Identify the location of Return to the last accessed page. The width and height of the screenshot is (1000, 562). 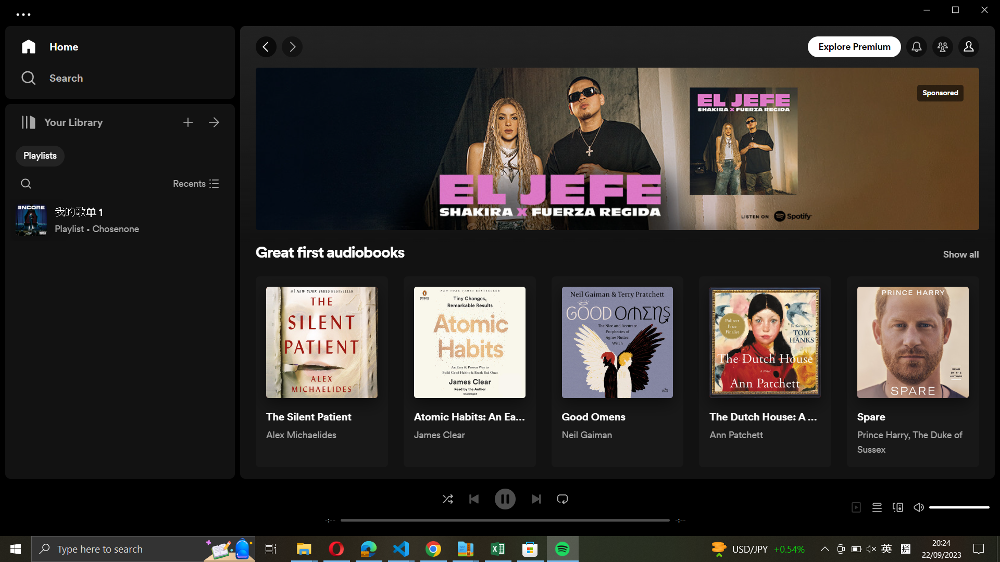
(267, 47).